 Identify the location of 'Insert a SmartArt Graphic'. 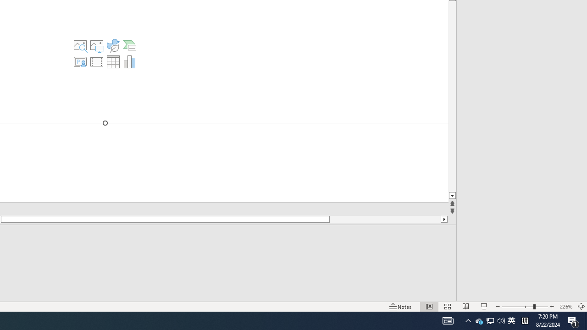
(129, 45).